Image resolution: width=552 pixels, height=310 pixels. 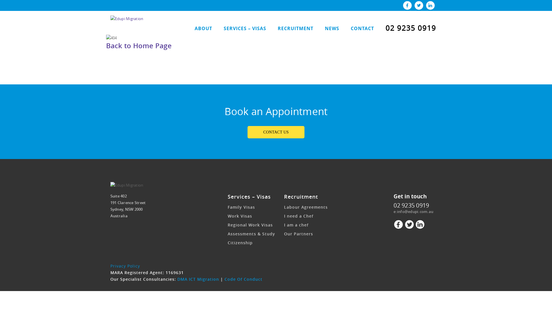 I want to click on 'Regional Work Visas', so click(x=250, y=224).